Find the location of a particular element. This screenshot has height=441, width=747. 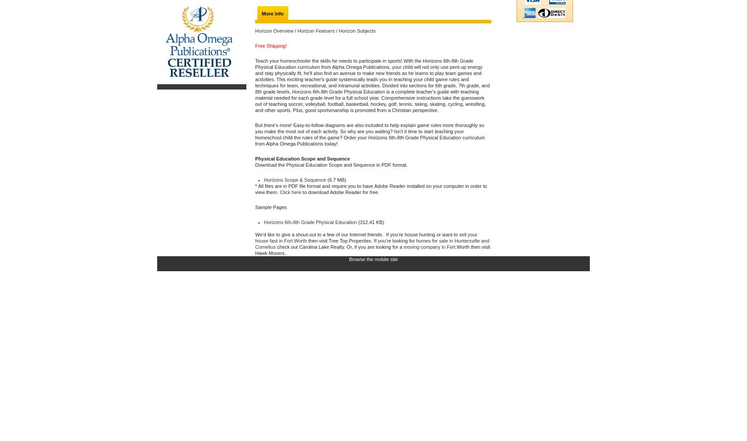

'Teach your homeschooler the skills he needs to participate in sports! With the Horizons 6th-8th Grade Physical Education curriculum from Alpha Omega Publications, your child will not only use pent-up energy and stay physically fit, he'll also find an avenue to make new friends as he learns to play team games and activities. This exciting teacher's guide systemically leads you in teaching your child game rules and techniques for team, recreational, and intramural activities. Divided into sections for 6th grade, 7th grade, and 8th grade levels, Horizons 6th-8th Grade Physical Education is a complete teacher's guide with teaching material needed for each grade level for a full school year. Comprehensive instructions take the guesswork out of teaching soccer, volleyball, football, basketball, hockey, golf, tennis, skiing, skating, cycling, wrestling, and other sports. Plus, good sportsmanship is promoted from a Christian perspective.' is located at coordinates (372, 85).